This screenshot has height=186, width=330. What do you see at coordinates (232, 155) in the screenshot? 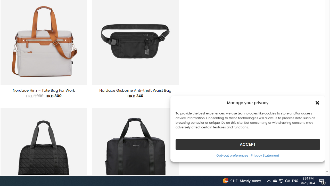
I see `'Opt-out preferences'` at bounding box center [232, 155].